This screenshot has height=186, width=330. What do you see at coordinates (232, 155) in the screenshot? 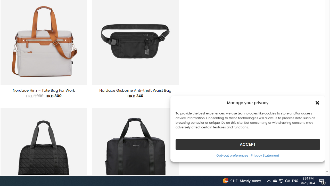
I see `'Opt-out preferences'` at bounding box center [232, 155].